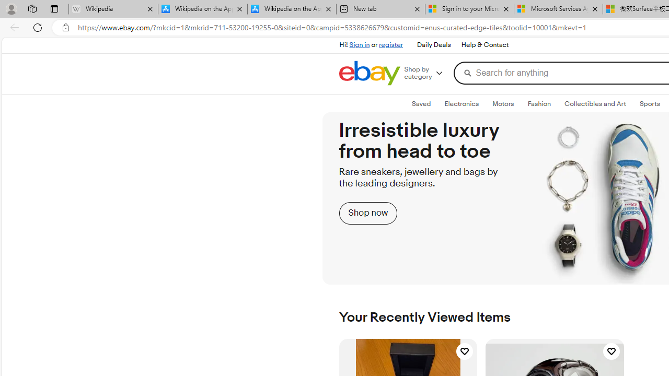 This screenshot has height=376, width=669. Describe the element at coordinates (649, 104) in the screenshot. I see `'SportsExpand: Sports'` at that location.